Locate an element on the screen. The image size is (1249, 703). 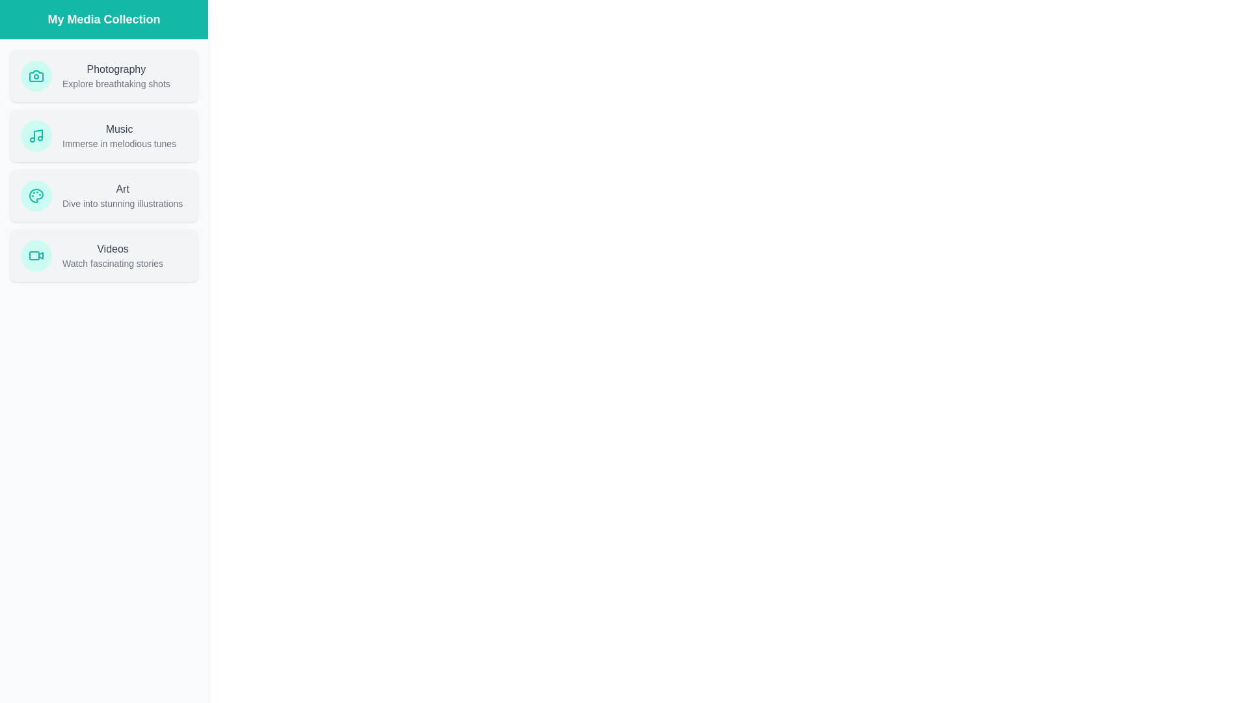
the icon representing Photography in the media collection drawer is located at coordinates (36, 76).